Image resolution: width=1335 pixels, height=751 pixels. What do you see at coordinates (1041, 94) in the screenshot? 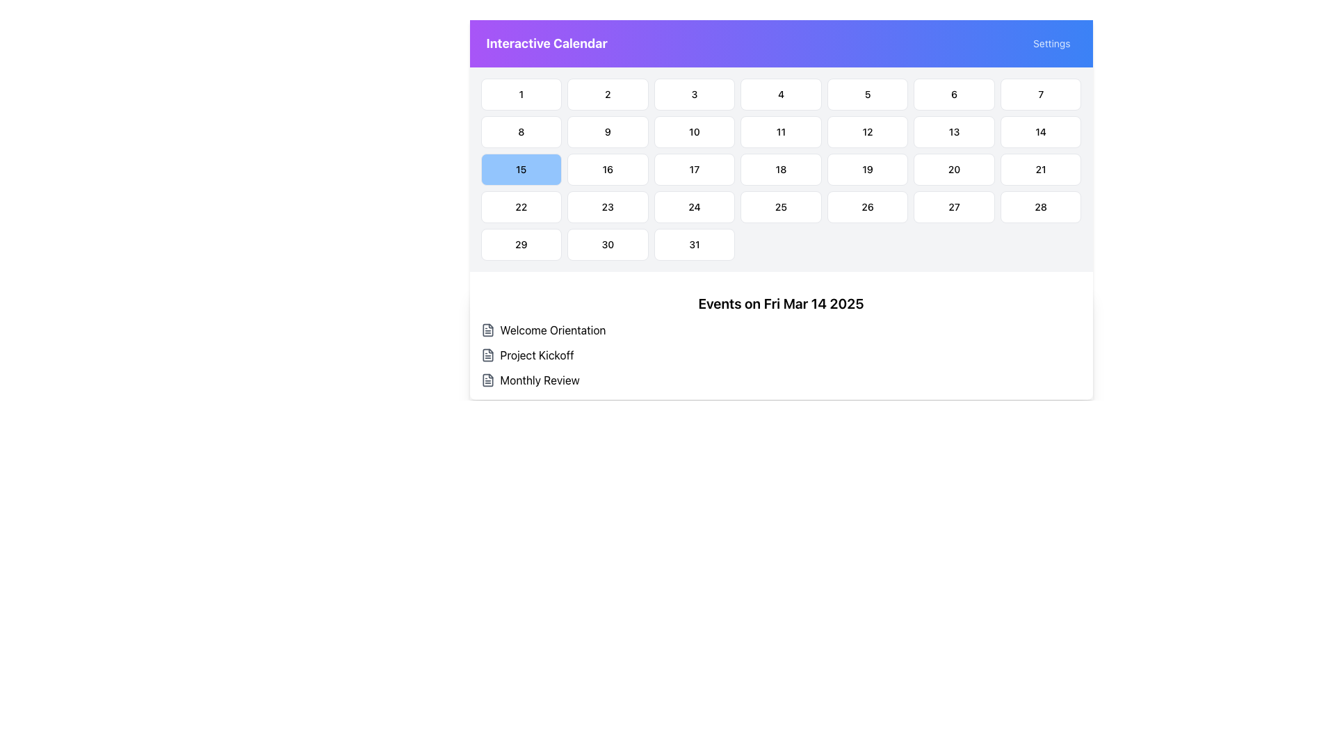
I see `the text label displaying the number '7' in a medium-sized, sans-serif font, located in the top-right corner of the calendar grid under the 'Settings' button` at bounding box center [1041, 94].